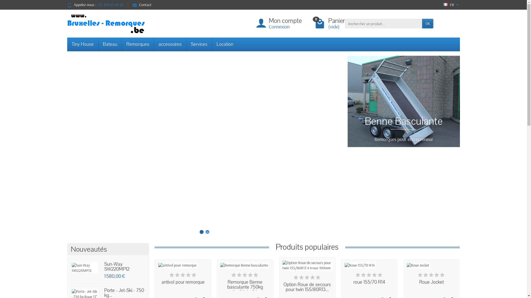 Image resolution: width=531 pixels, height=298 pixels. Describe the element at coordinates (82, 44) in the screenshot. I see `'Tiny House'` at that location.